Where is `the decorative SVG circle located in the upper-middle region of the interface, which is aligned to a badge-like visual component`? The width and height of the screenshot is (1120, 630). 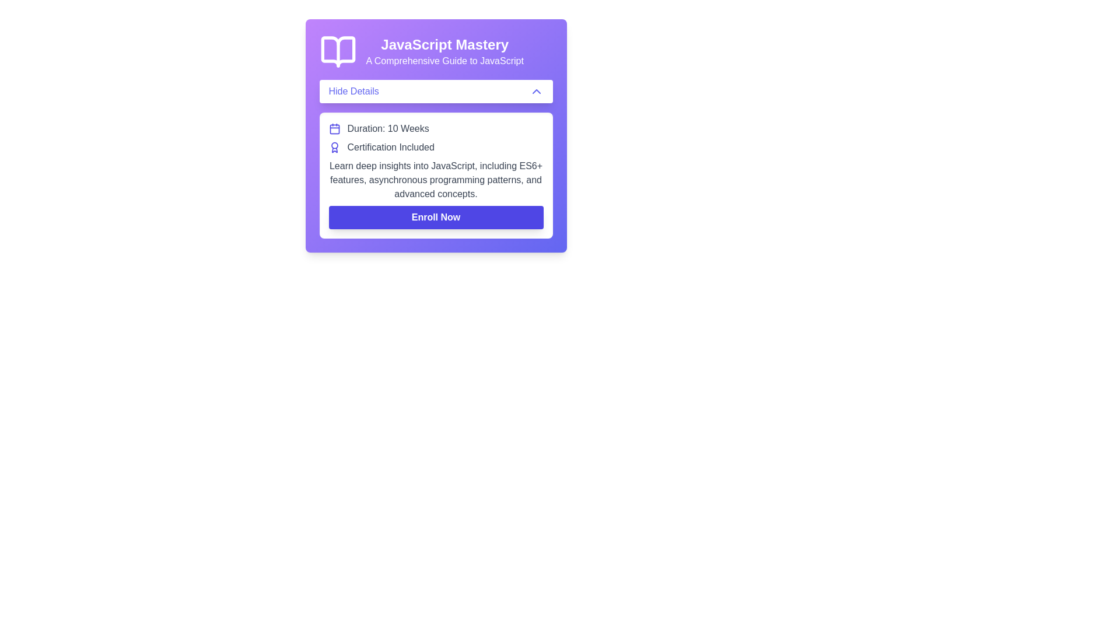
the decorative SVG circle located in the upper-middle region of the interface, which is aligned to a badge-like visual component is located at coordinates (334, 145).